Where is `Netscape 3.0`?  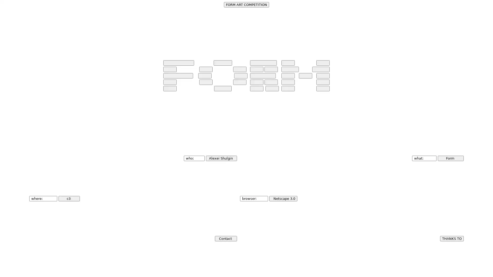
Netscape 3.0 is located at coordinates (283, 198).